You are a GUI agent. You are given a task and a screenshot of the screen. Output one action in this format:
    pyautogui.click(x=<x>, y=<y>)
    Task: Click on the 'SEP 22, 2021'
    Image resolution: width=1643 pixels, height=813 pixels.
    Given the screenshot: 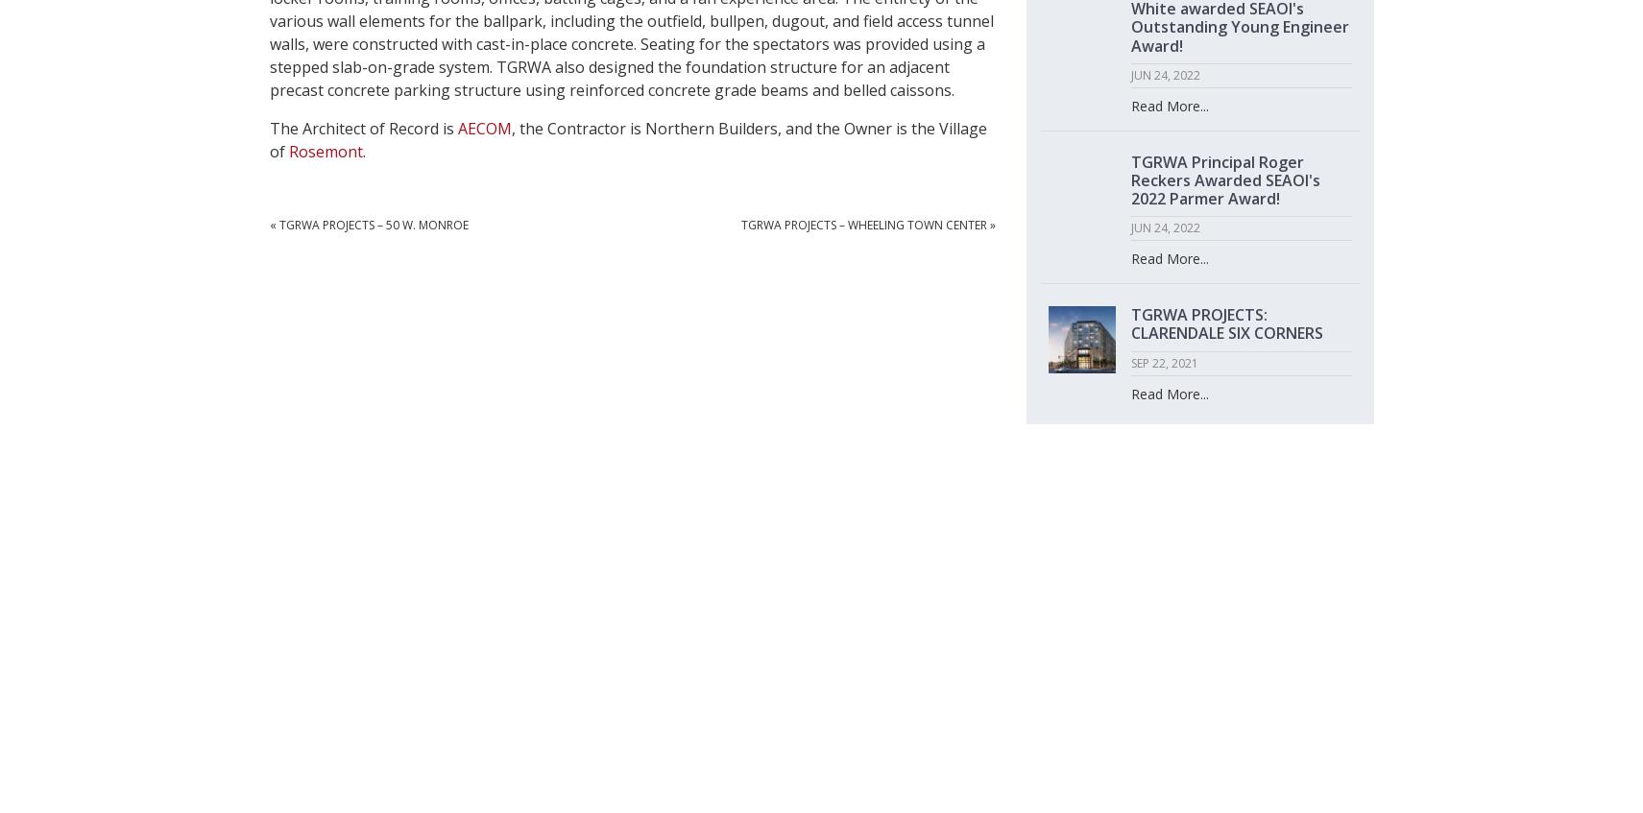 What is the action you would take?
    pyautogui.click(x=1128, y=361)
    